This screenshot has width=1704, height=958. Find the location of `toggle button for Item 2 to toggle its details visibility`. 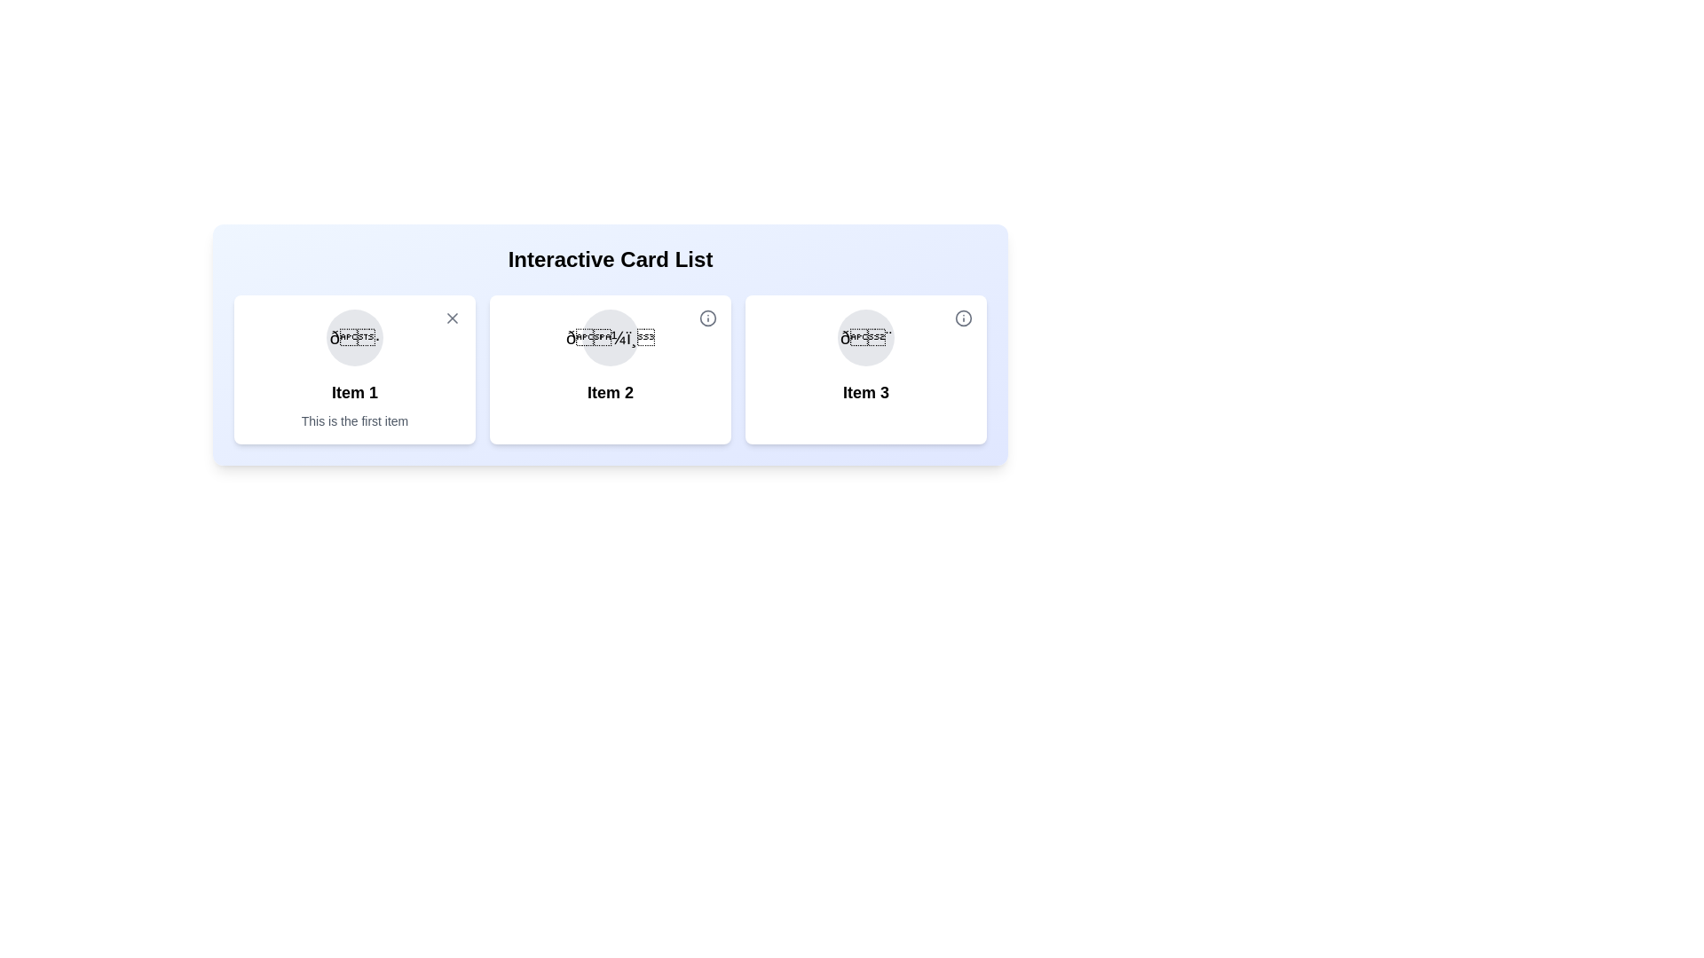

toggle button for Item 2 to toggle its details visibility is located at coordinates (706, 317).